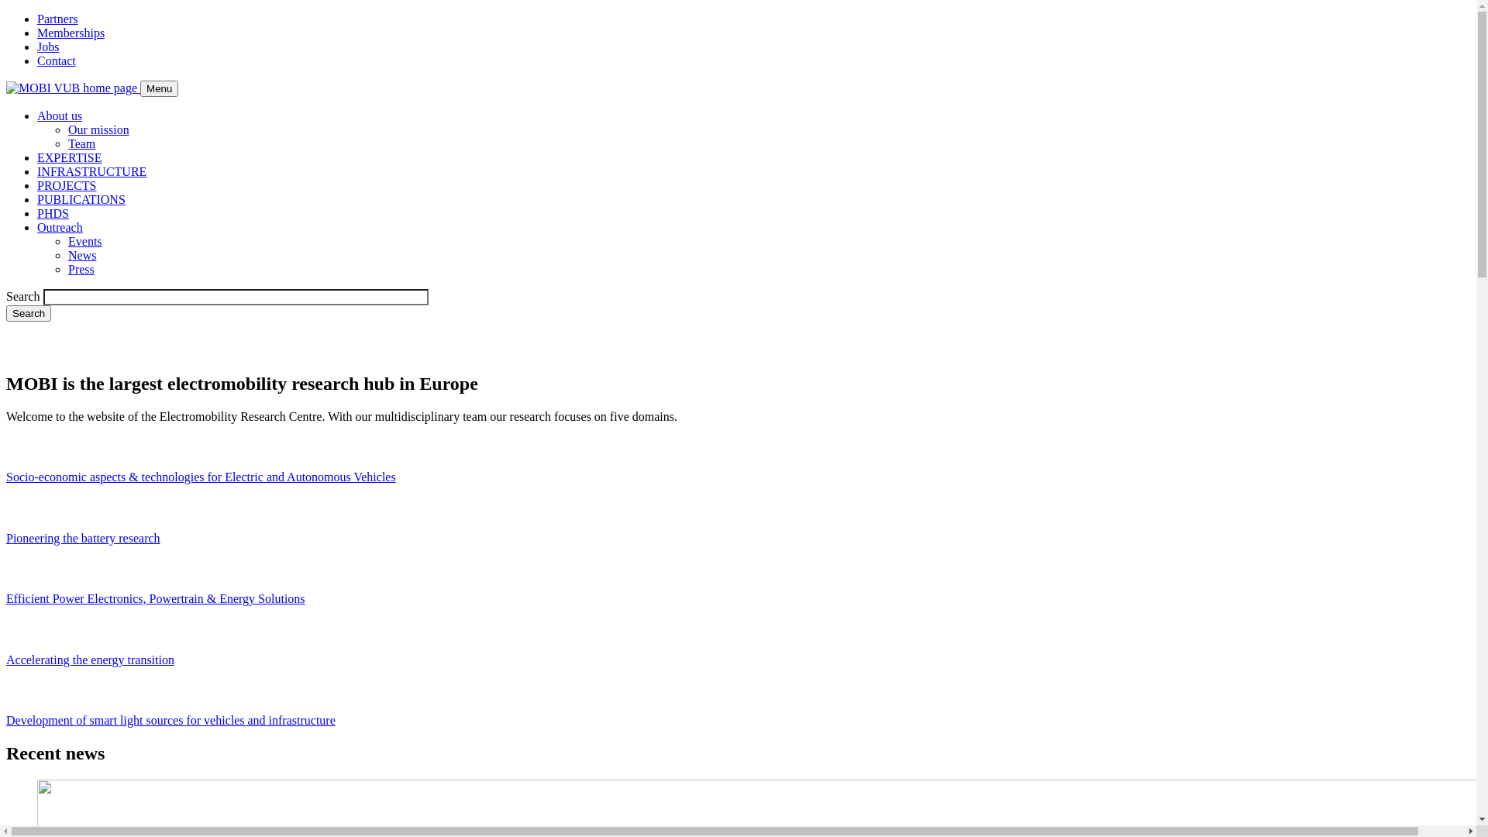  Describe the element at coordinates (156, 598) in the screenshot. I see `'Efficient Power Electronics, Powertrain & Energy Solutions'` at that location.